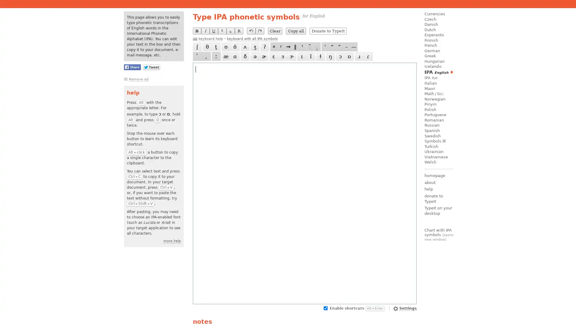 Image resolution: width=576 pixels, height=324 pixels. I want to click on S, so click(221, 31).